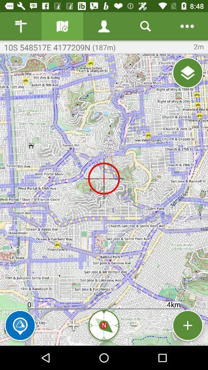  Describe the element at coordinates (104, 26) in the screenshot. I see `person` at that location.